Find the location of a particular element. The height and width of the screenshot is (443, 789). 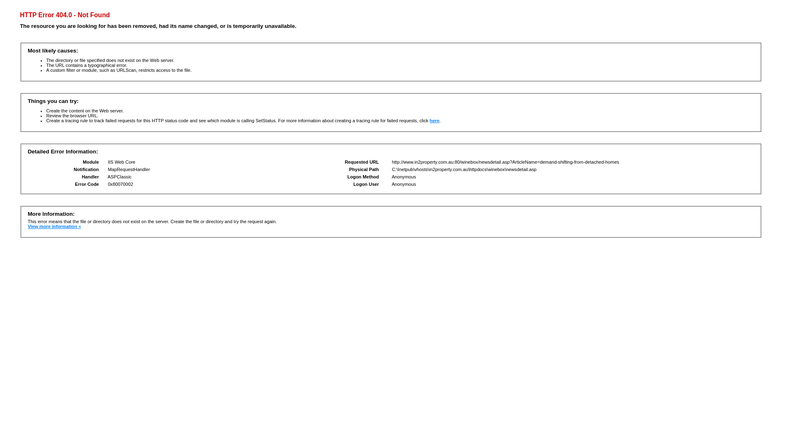

'here' is located at coordinates (434, 120).